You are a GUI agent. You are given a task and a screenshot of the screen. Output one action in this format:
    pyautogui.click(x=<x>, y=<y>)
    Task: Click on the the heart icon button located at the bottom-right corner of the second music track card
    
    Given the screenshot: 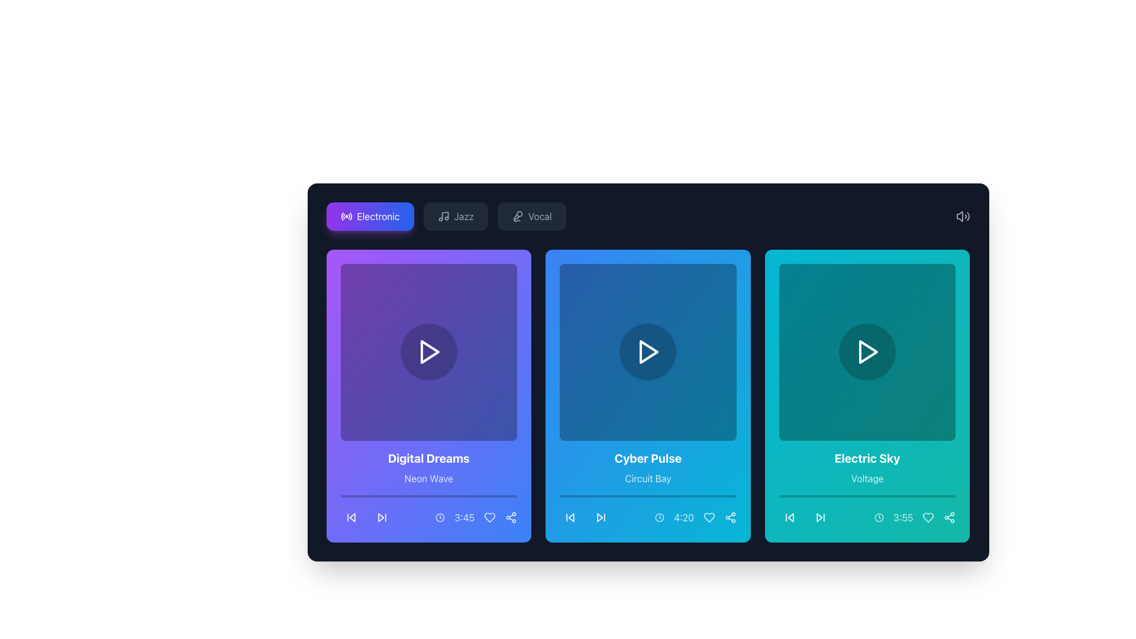 What is the action you would take?
    pyautogui.click(x=709, y=517)
    